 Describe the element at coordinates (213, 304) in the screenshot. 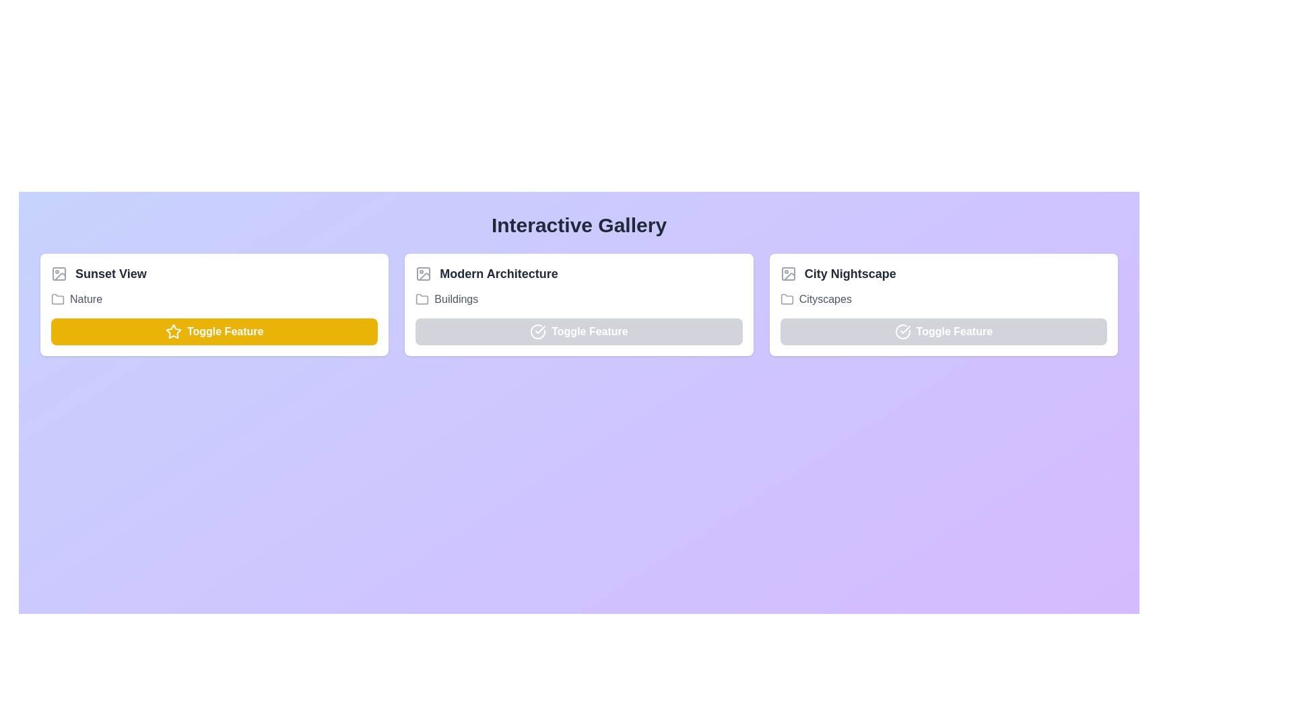

I see `contents of the 'Sunset View' card located in the first column of the three-column grid layout by clicking on it` at that location.